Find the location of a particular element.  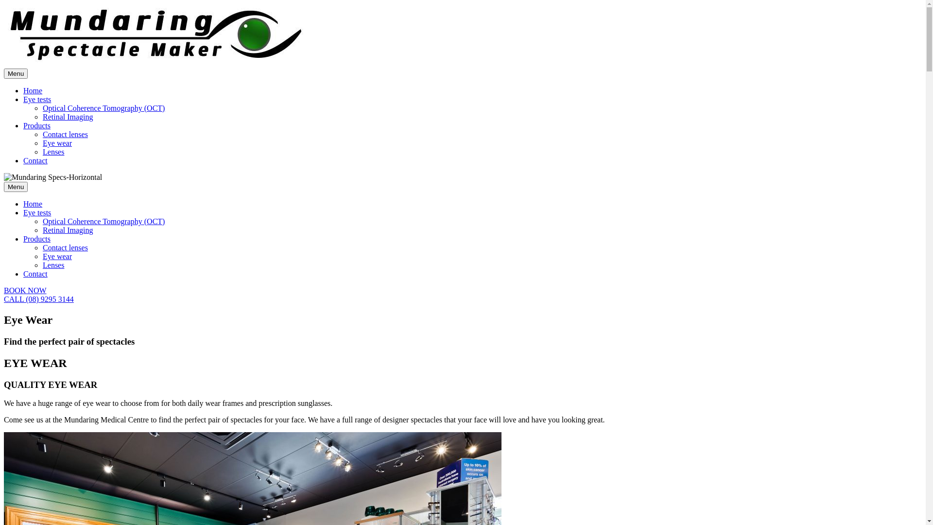

'Retinal Imaging' is located at coordinates (67, 116).